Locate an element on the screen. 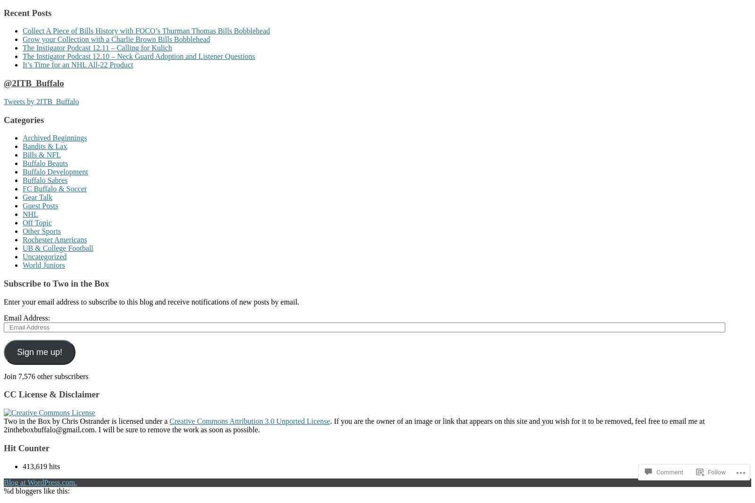 This screenshot has width=755, height=503. 'Collect A Piece of Bills History with FOCO’s Thurman Thomas Bills Bobblehead' is located at coordinates (146, 30).